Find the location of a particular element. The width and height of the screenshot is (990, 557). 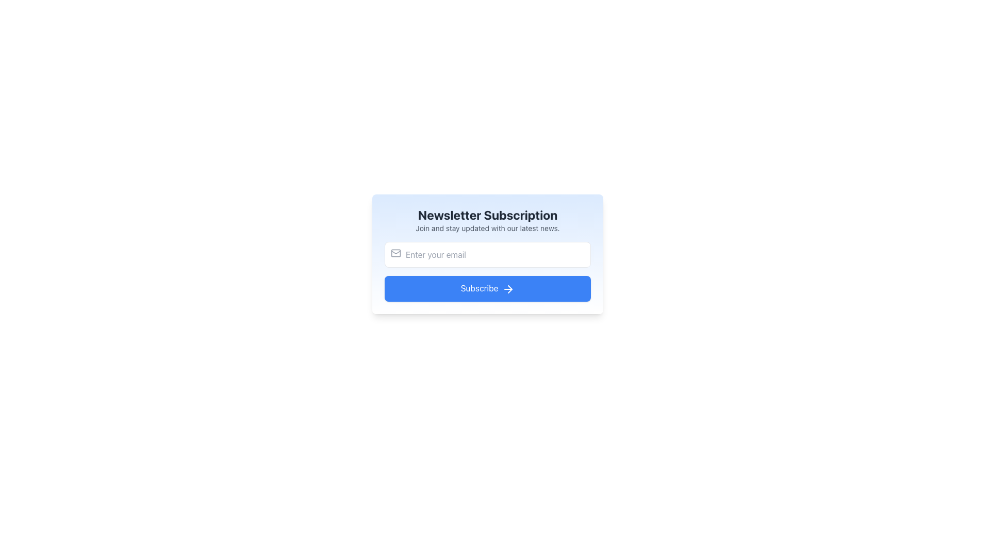

the newsletter subscription button to observe the hover effects is located at coordinates (487, 288).